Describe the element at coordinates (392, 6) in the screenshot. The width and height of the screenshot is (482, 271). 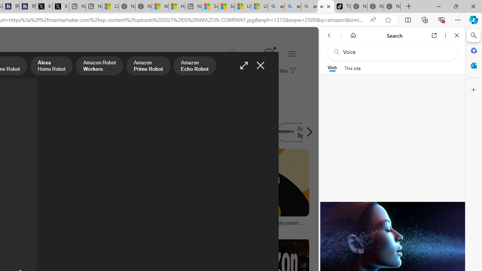
I see `'Nordace - Siena Pro 15 Essential Set'` at that location.